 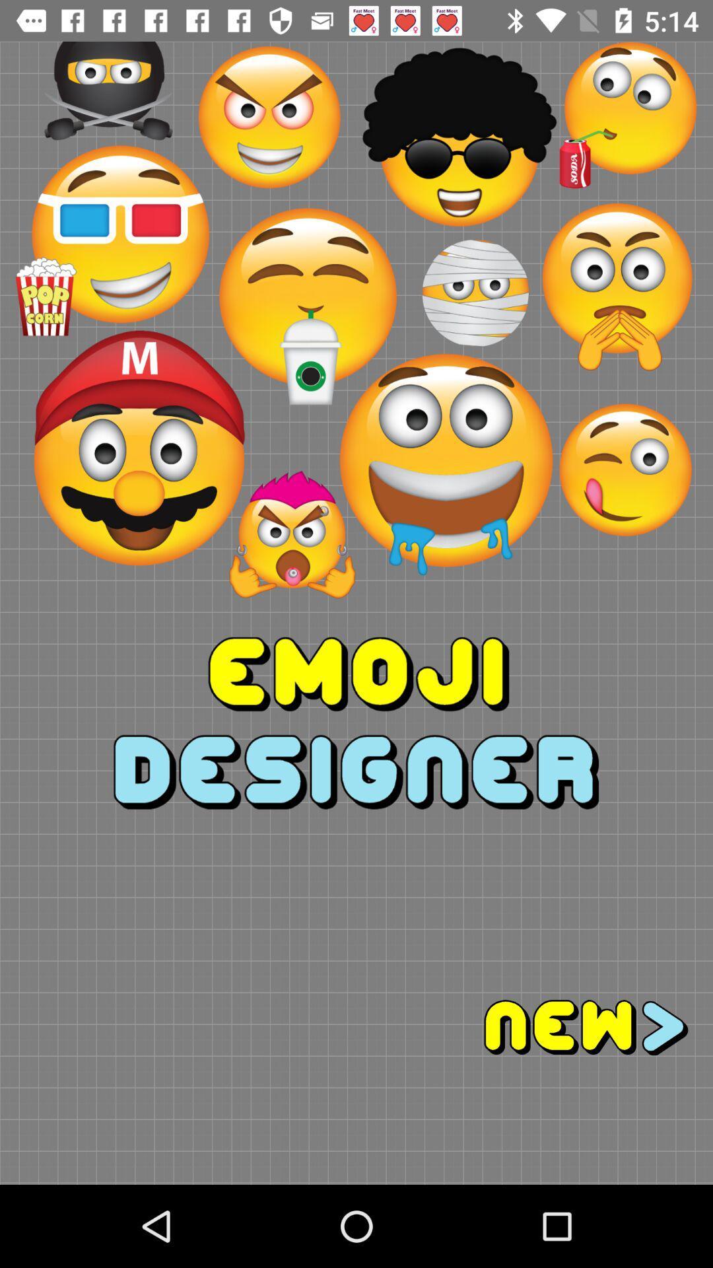 What do you see at coordinates (535, 1027) in the screenshot?
I see `go next` at bounding box center [535, 1027].